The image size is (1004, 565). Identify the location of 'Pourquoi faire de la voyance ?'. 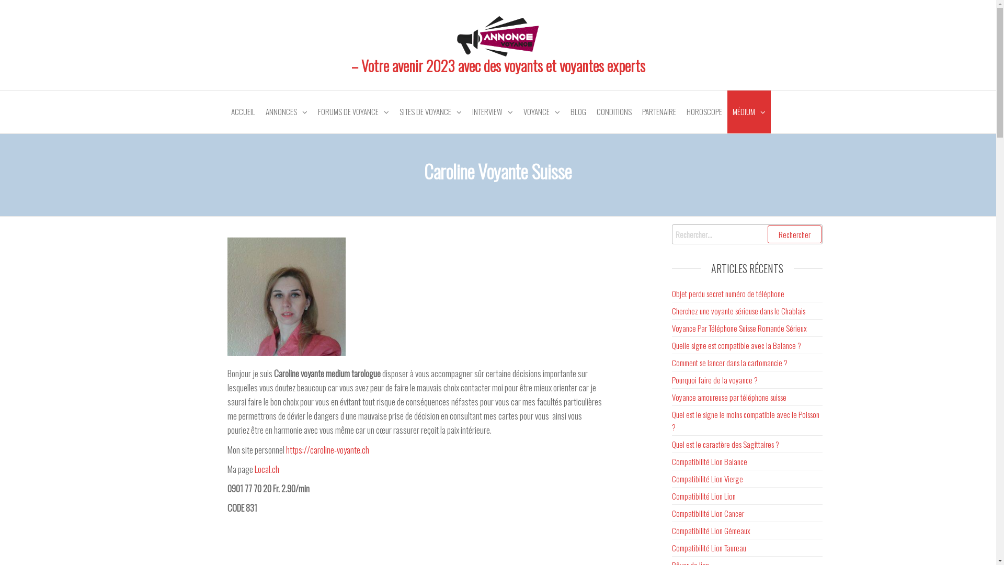
(714, 379).